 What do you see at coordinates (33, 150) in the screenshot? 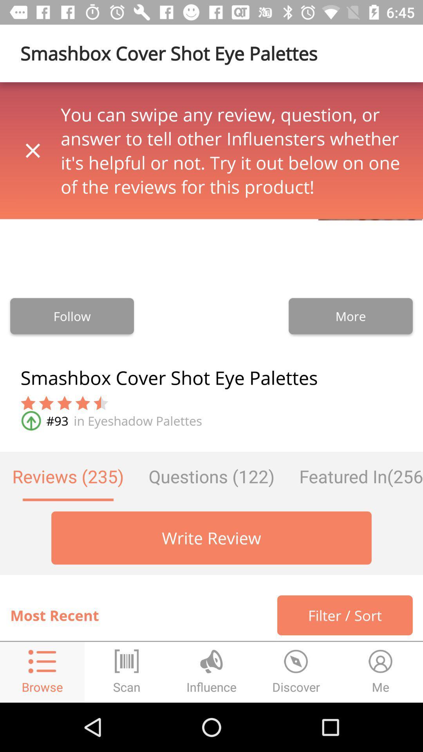
I see `the close icon` at bounding box center [33, 150].